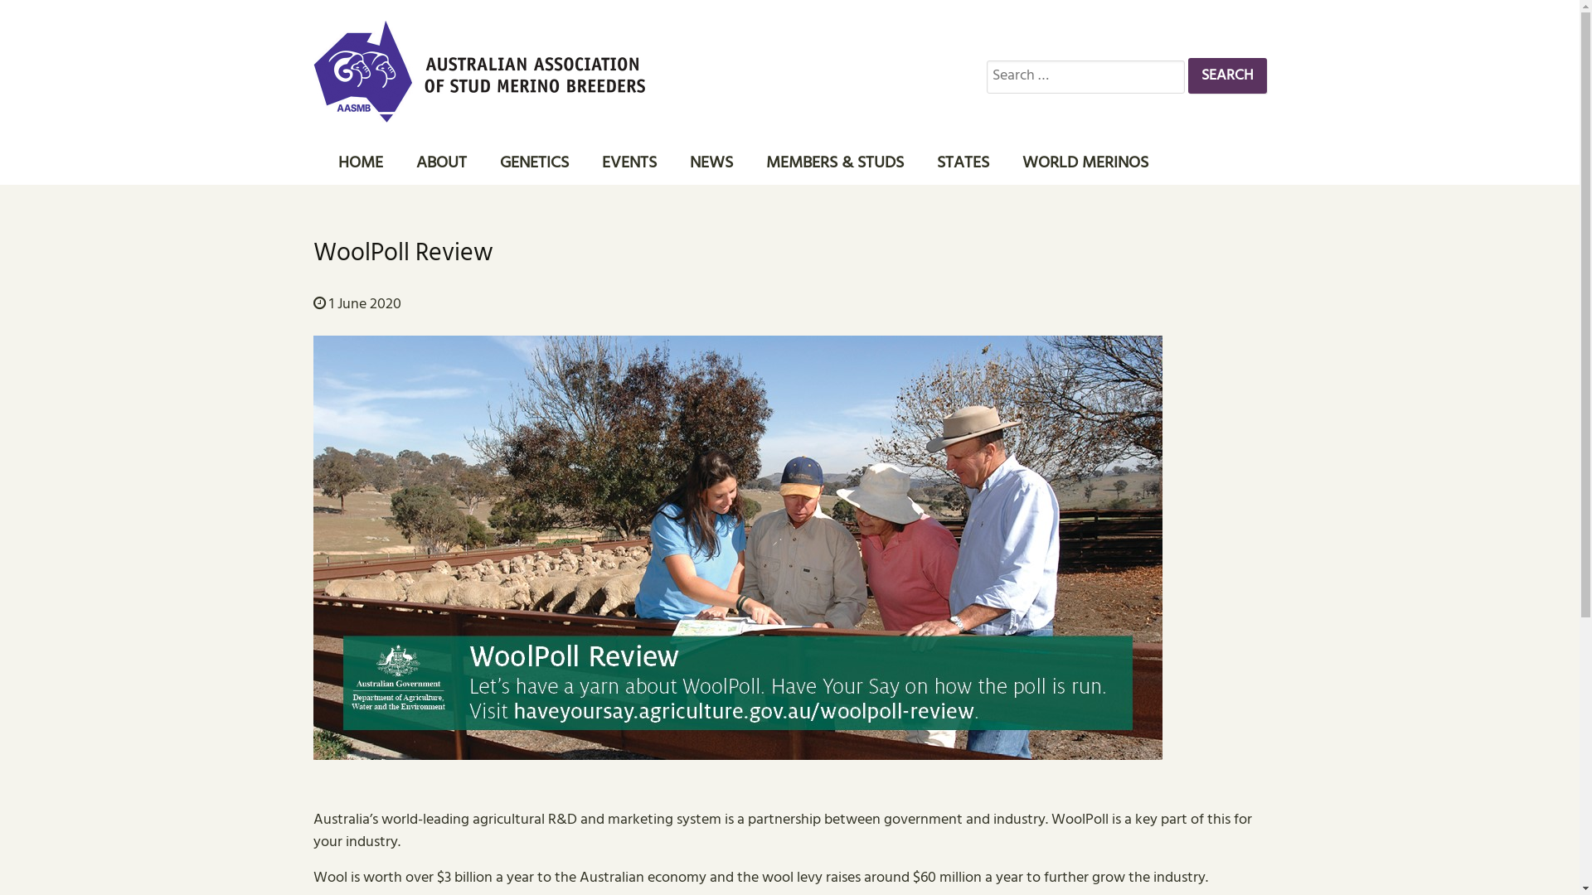 This screenshot has height=895, width=1592. What do you see at coordinates (1085, 76) in the screenshot?
I see `'Search for:'` at bounding box center [1085, 76].